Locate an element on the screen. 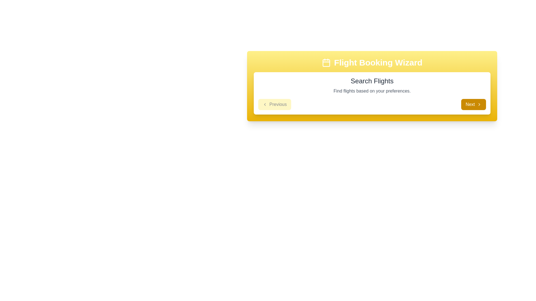 This screenshot has width=536, height=301. the 'Previous' button, which is a rounded rectangular button with gray text on a yellow background, located at the bottom section of the content card is located at coordinates (275, 104).